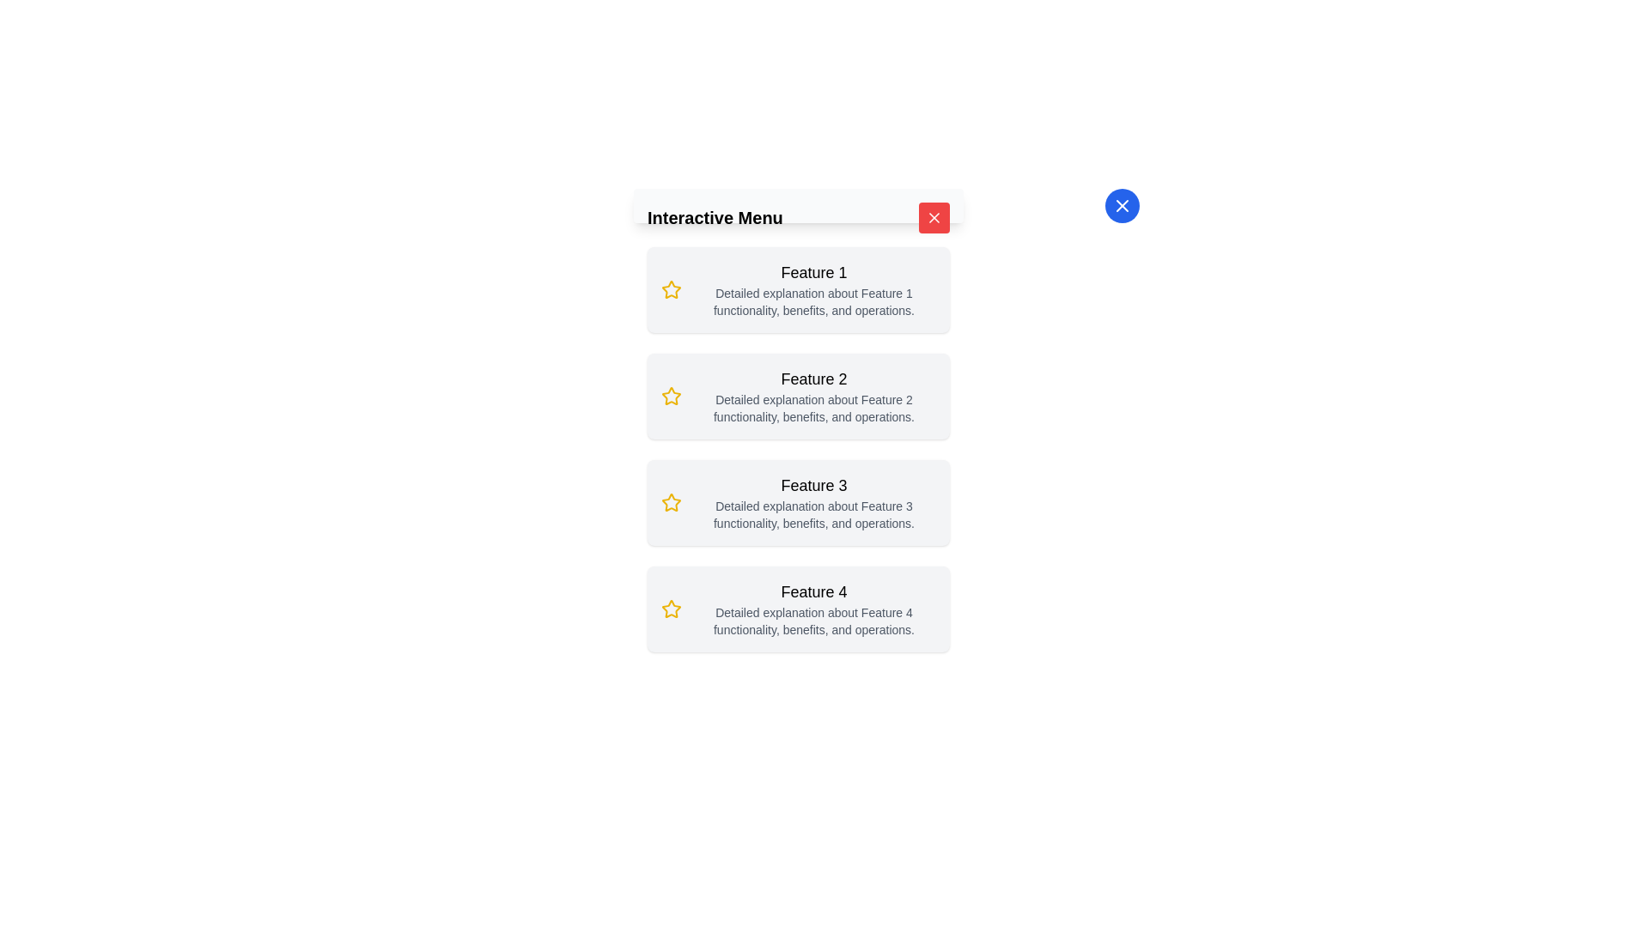  I want to click on the Card that provides an overview of 'Feature 3', located as the third item in a vertically stacked list between 'Feature 2' and 'Feature 4', so click(798, 502).